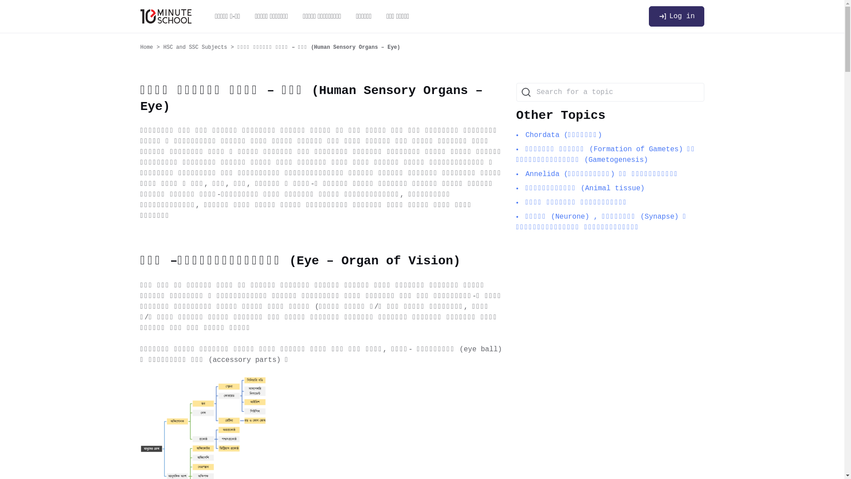 This screenshot has width=851, height=479. What do you see at coordinates (164, 47) in the screenshot?
I see `'HSC and SSC Subjects'` at bounding box center [164, 47].